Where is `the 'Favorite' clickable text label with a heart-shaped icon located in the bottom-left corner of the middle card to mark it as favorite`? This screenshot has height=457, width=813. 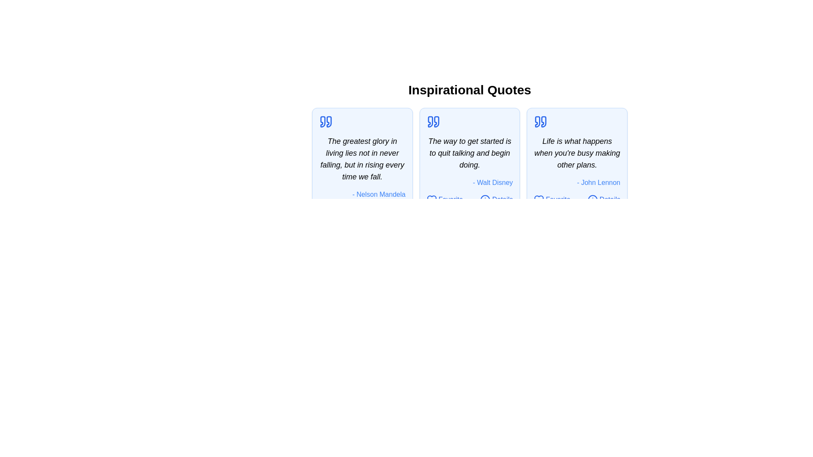
the 'Favorite' clickable text label with a heart-shaped icon located in the bottom-left corner of the middle card to mark it as favorite is located at coordinates (444, 199).